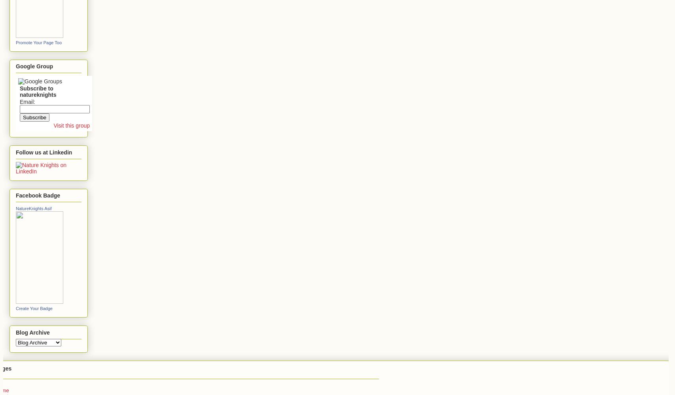 The image size is (675, 395). I want to click on 'Create Your Badge', so click(34, 308).